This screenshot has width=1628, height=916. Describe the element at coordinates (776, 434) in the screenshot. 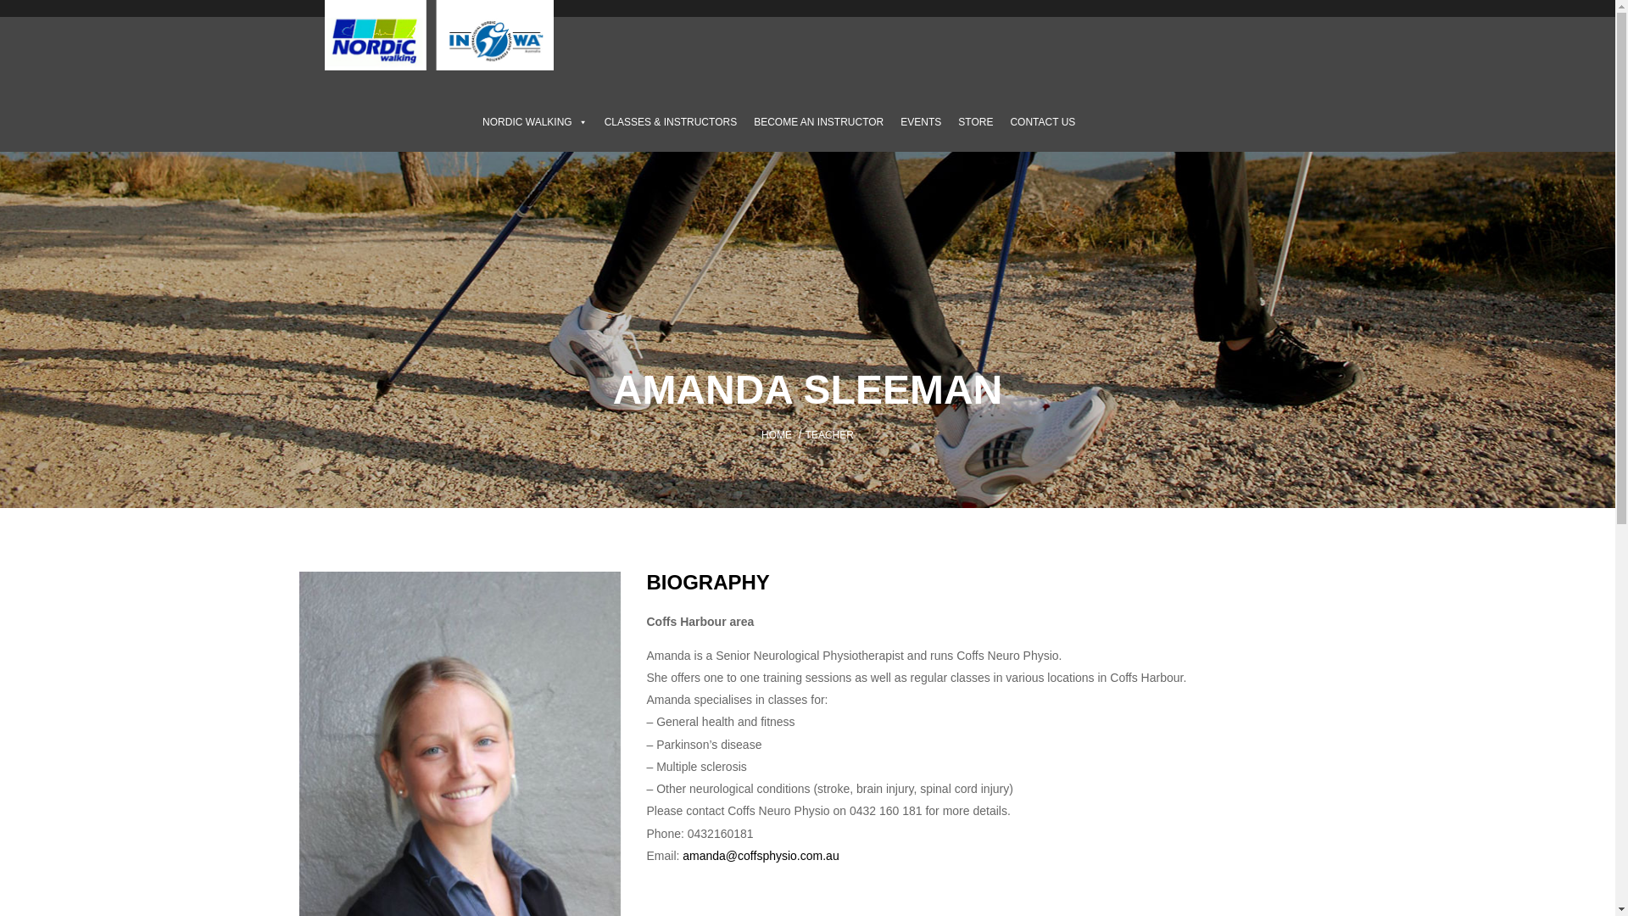

I see `'HOME'` at that location.